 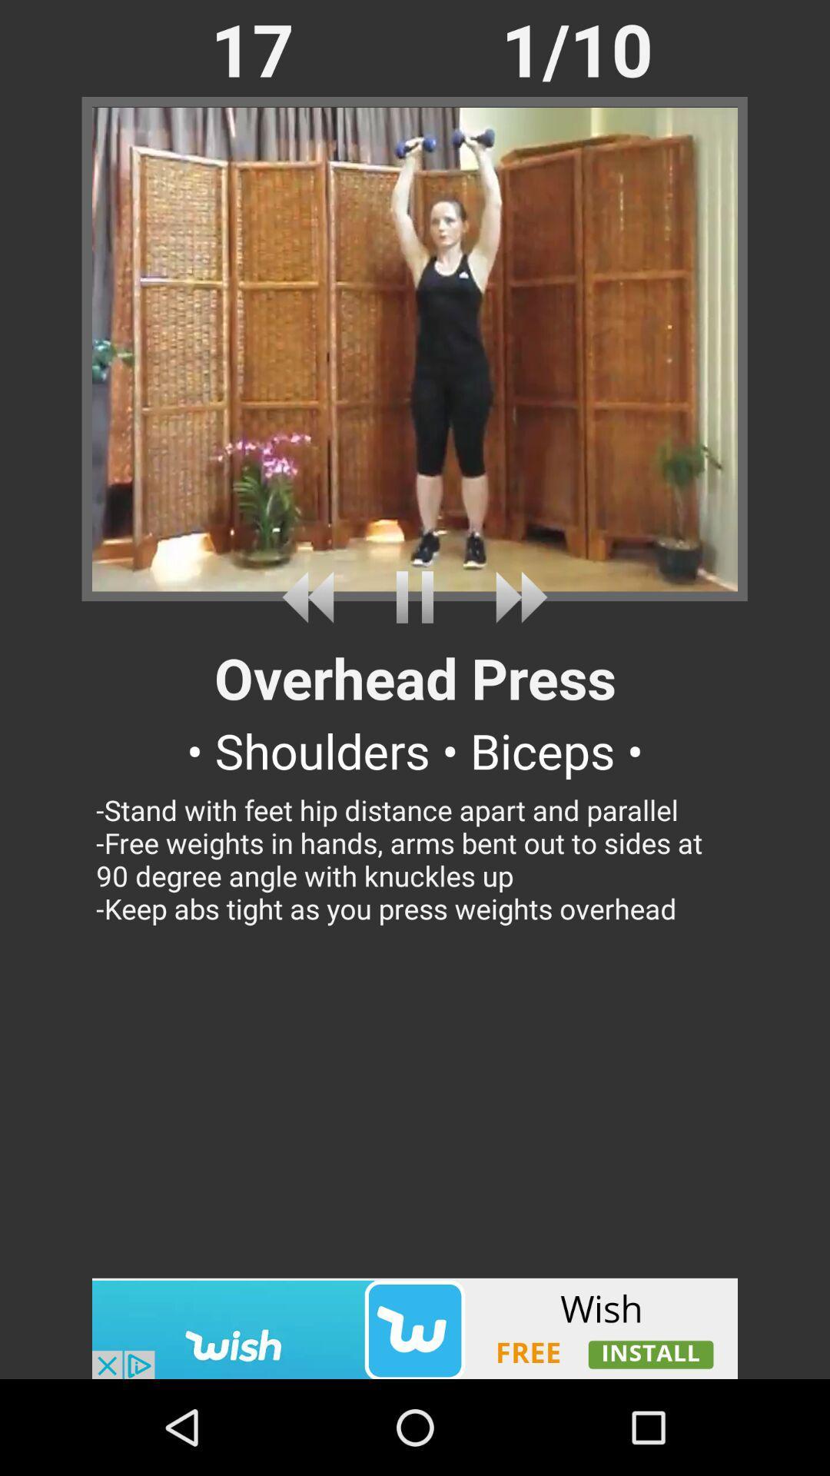 I want to click on rewind the video, so click(x=313, y=597).